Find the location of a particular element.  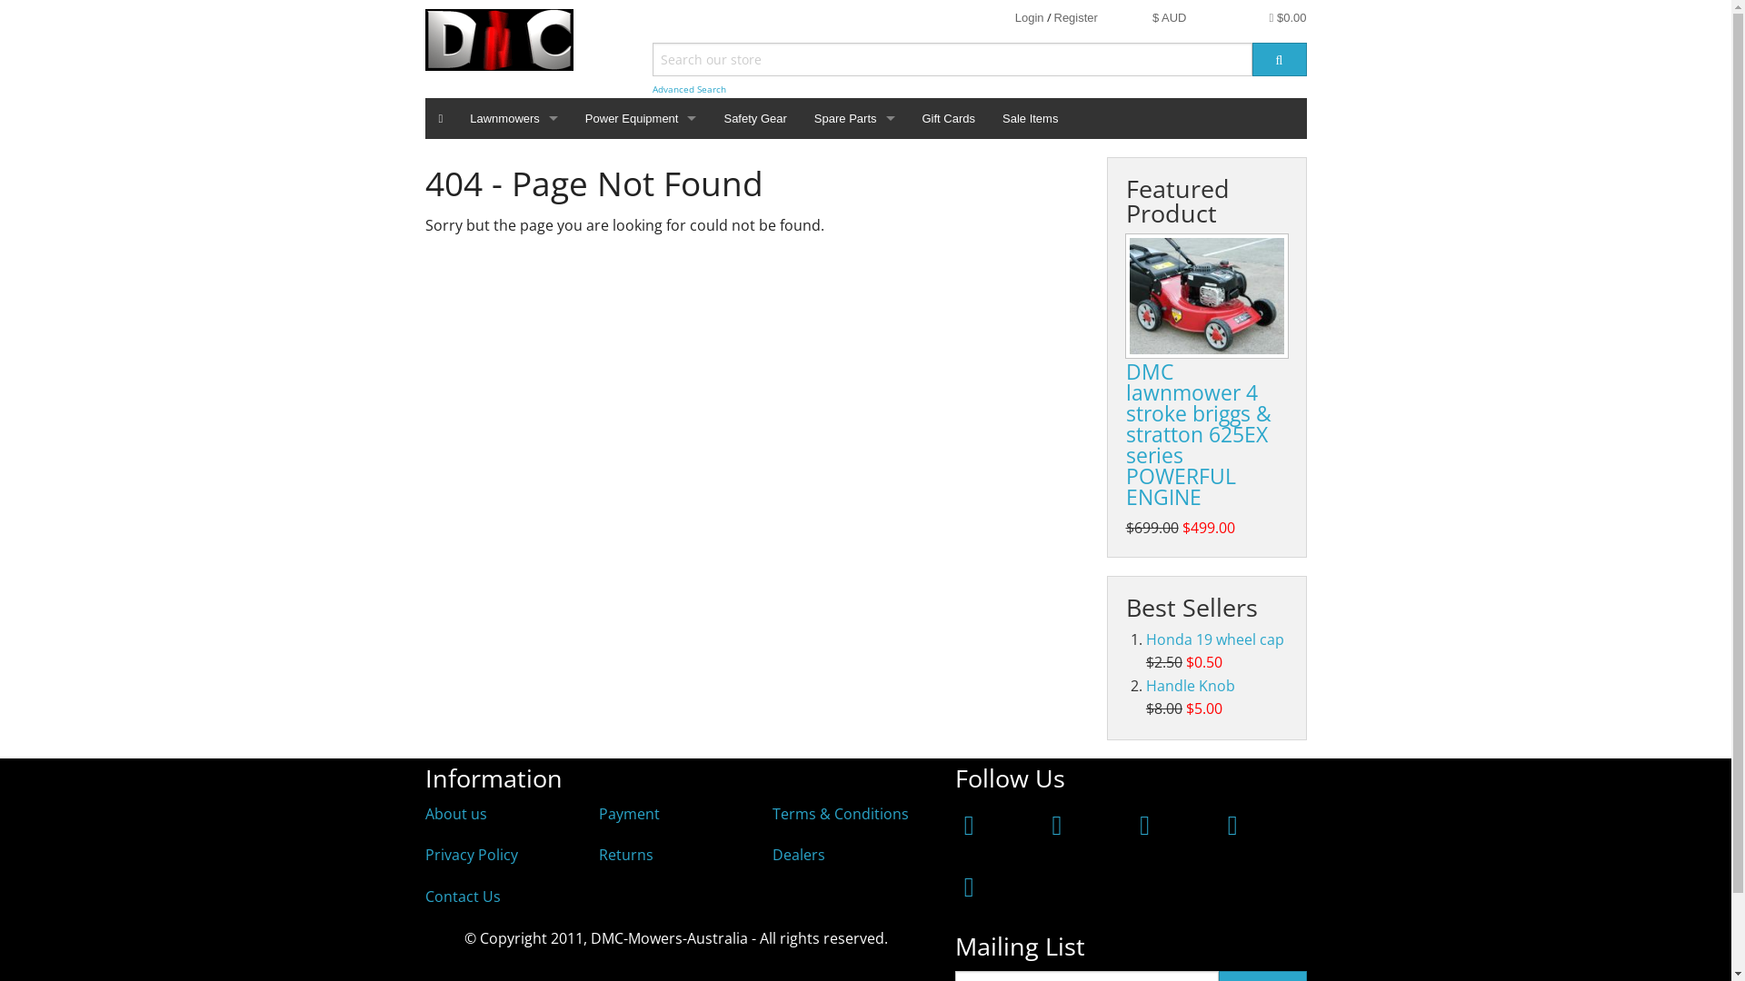

'Contact Us' is located at coordinates (463, 896).